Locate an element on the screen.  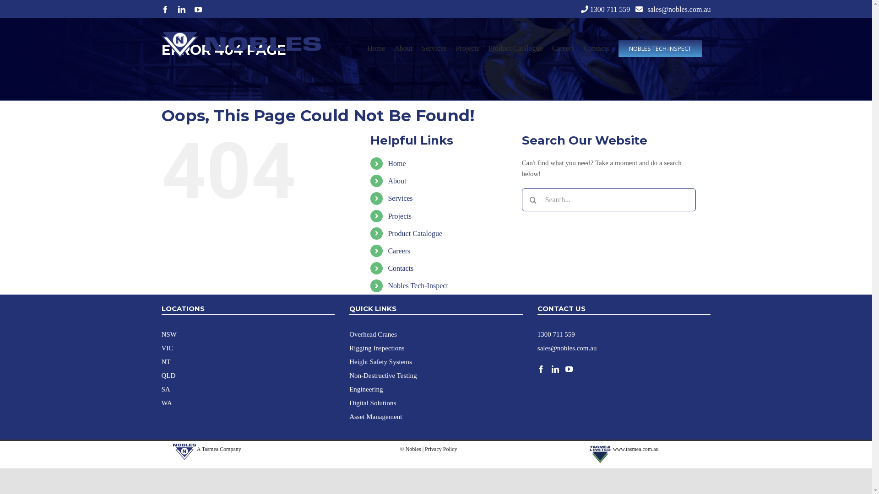
'Contacts' is located at coordinates (582, 48).